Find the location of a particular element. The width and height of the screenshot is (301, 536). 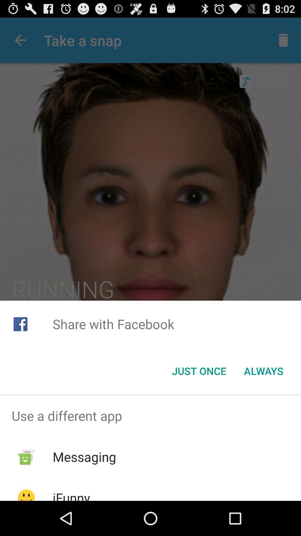

item at the bottom right corner is located at coordinates (263, 371).